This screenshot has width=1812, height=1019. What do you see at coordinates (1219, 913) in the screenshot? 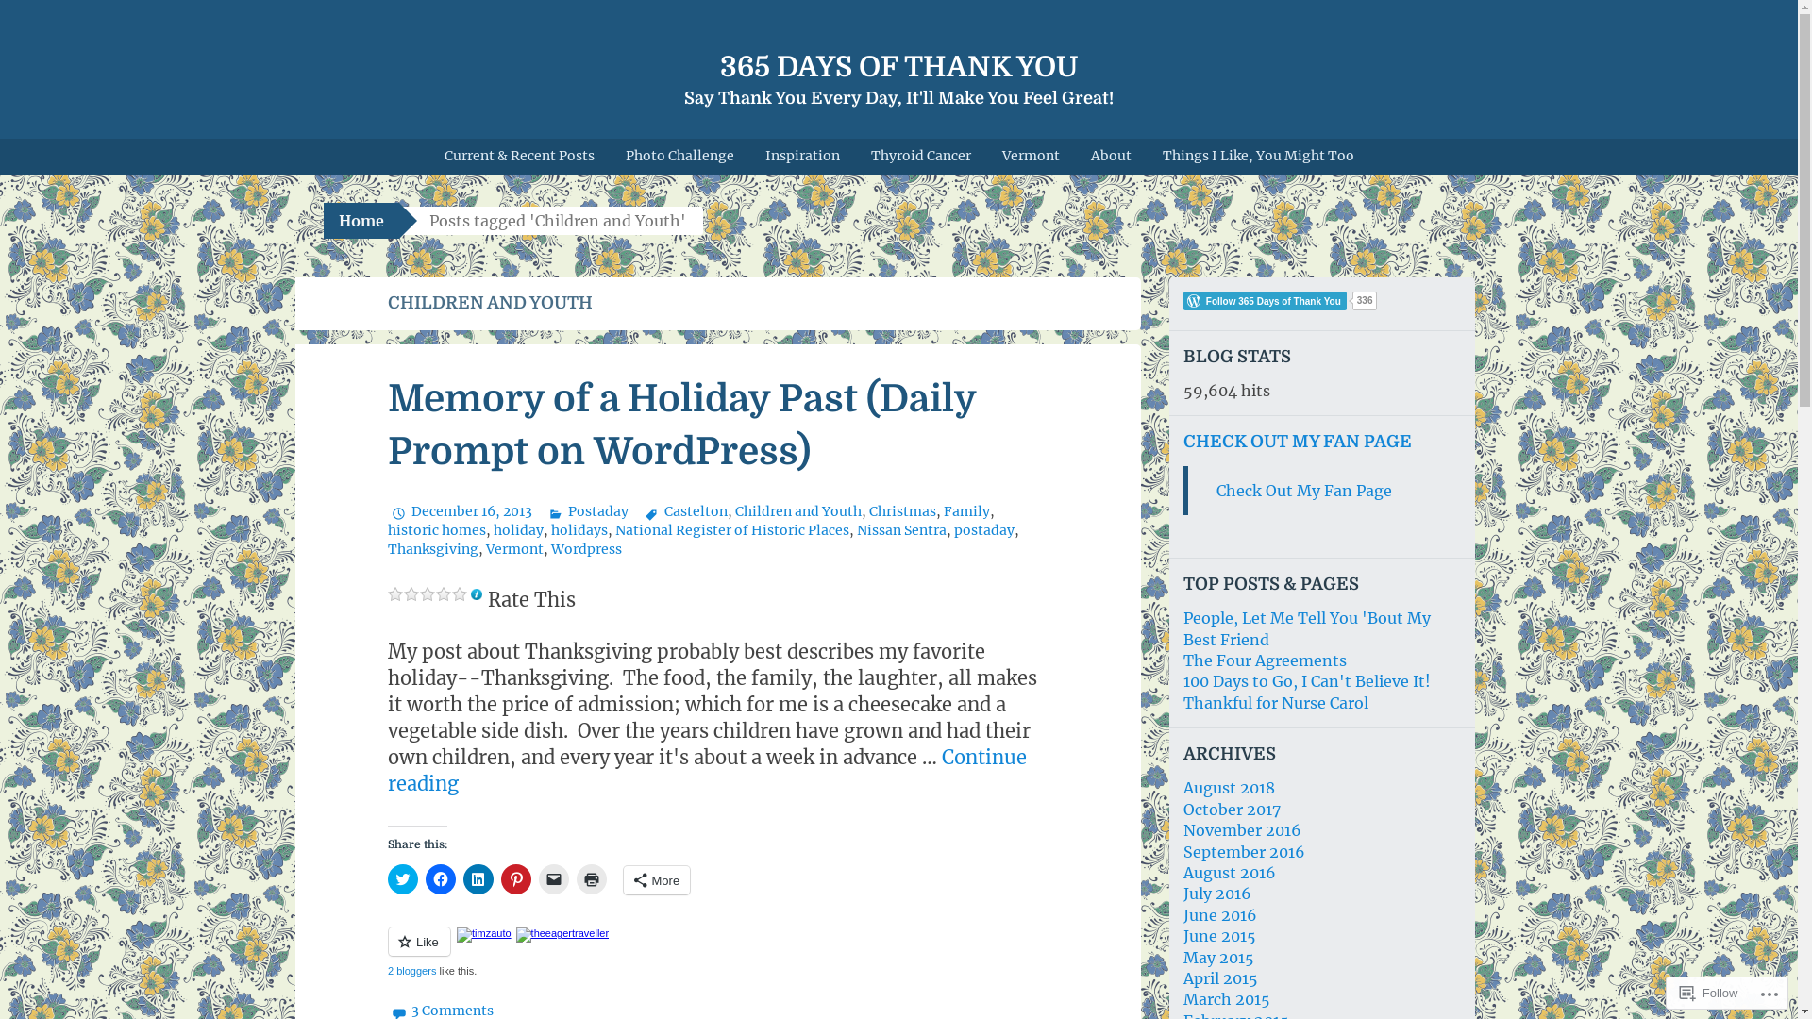
I see `'June 2016'` at bounding box center [1219, 913].